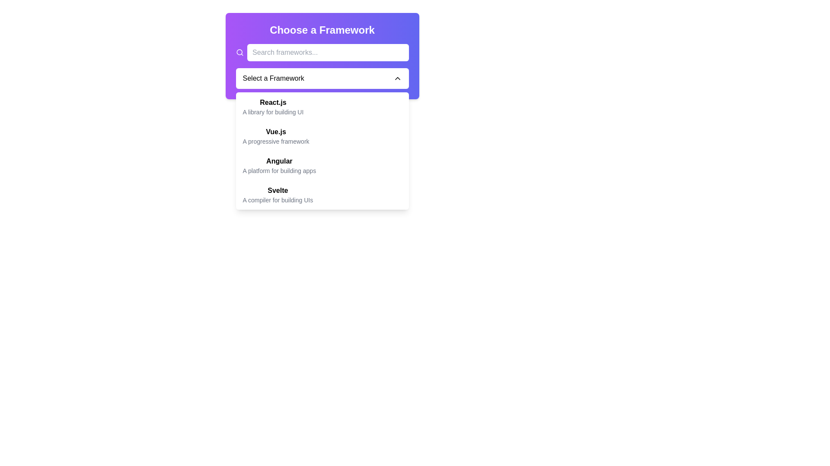 The width and height of the screenshot is (830, 466). I want to click on the dropdown menu option, so click(322, 151).